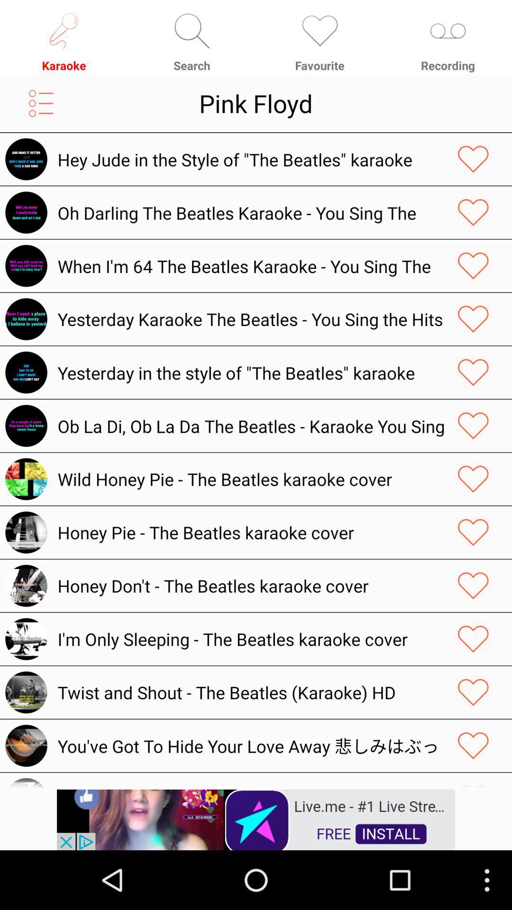  What do you see at coordinates (473, 692) in the screenshot?
I see `love track` at bounding box center [473, 692].